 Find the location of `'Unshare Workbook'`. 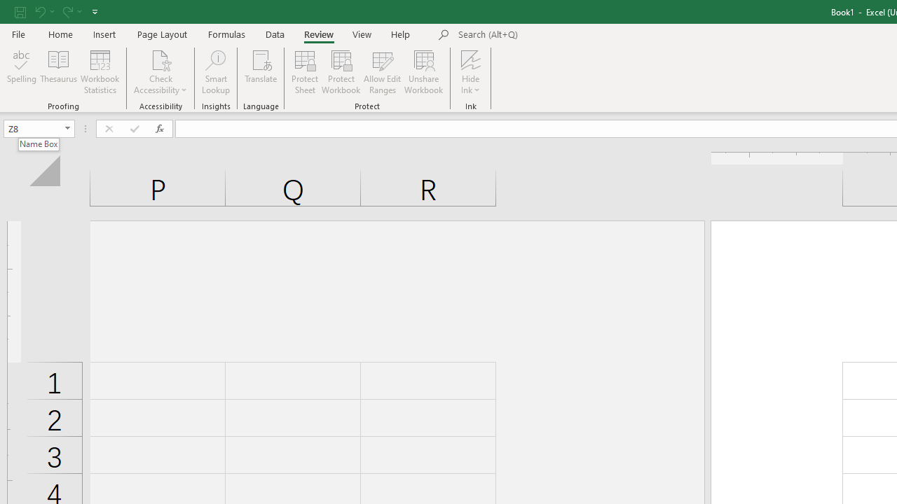

'Unshare Workbook' is located at coordinates (423, 72).